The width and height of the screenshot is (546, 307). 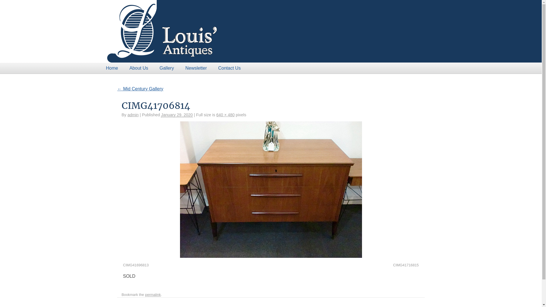 What do you see at coordinates (133, 115) in the screenshot?
I see `'admin'` at bounding box center [133, 115].